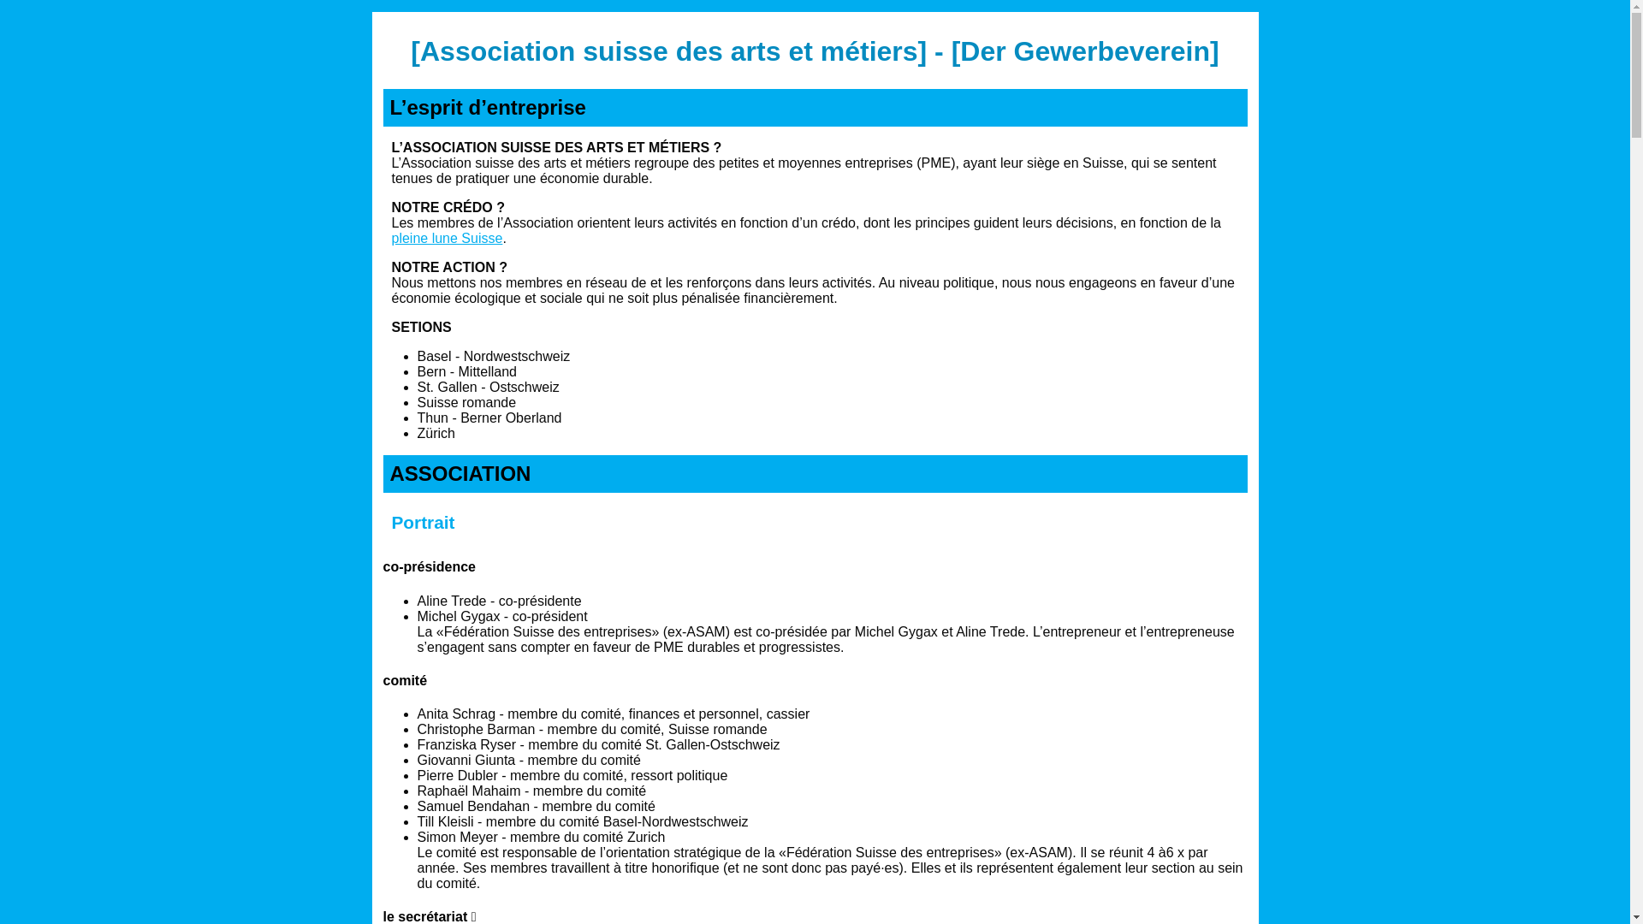 This screenshot has height=924, width=1643. Describe the element at coordinates (448, 238) in the screenshot. I see `'pleine lune Suisse'` at that location.